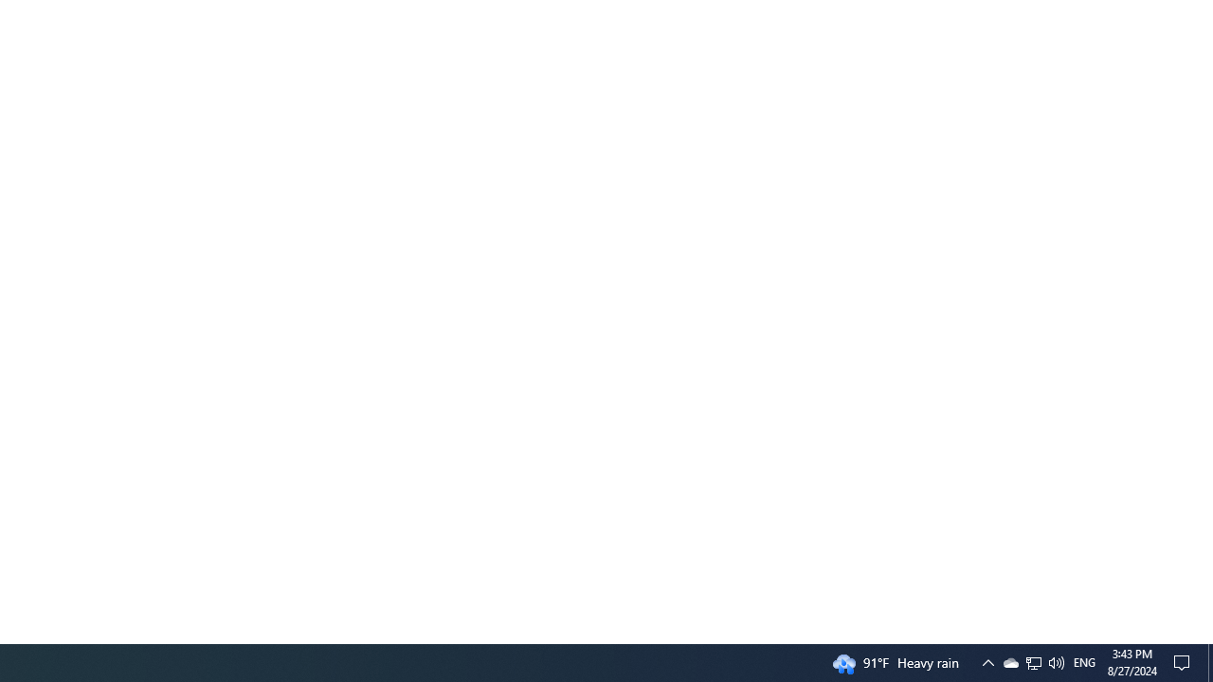  I want to click on 'Action Center, No new notifications', so click(1185, 661).